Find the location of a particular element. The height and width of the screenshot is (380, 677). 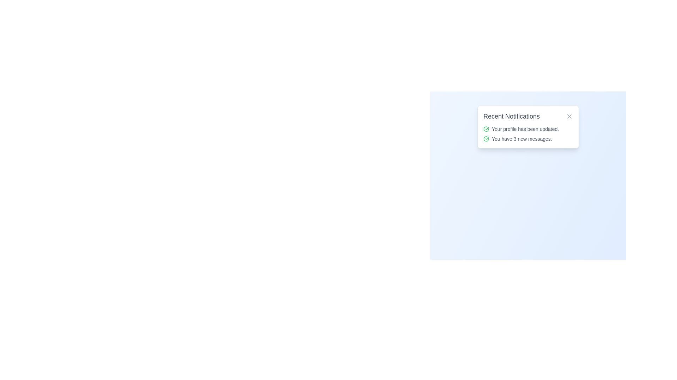

the small black diagonal cross icon, which is positioned at the top-right corner of the notification panel adjacent to the 'Recent Notifications' heading is located at coordinates (569, 116).